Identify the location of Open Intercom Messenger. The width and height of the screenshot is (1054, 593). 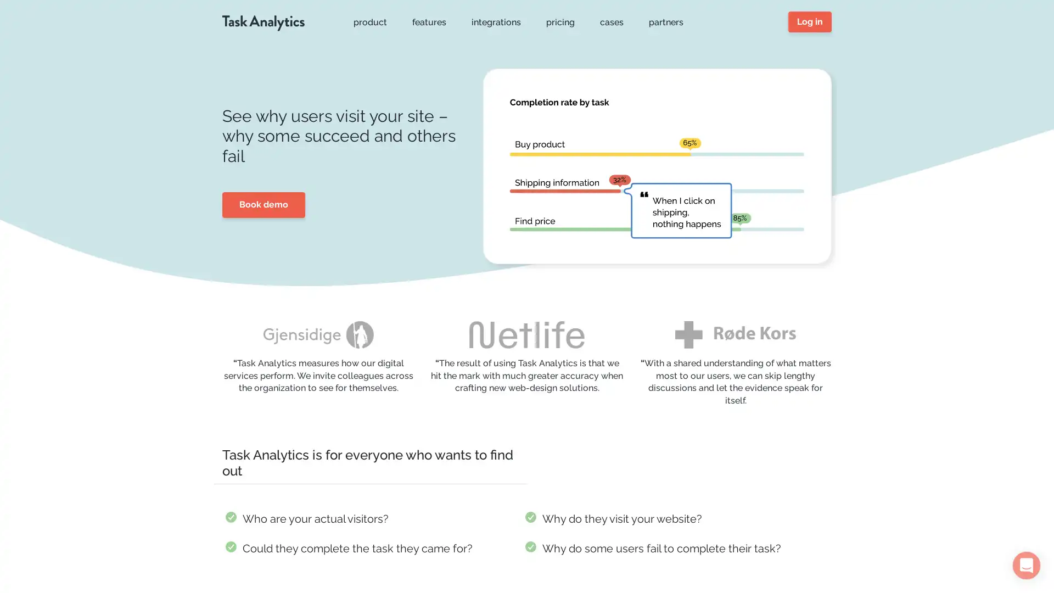
(1026, 565).